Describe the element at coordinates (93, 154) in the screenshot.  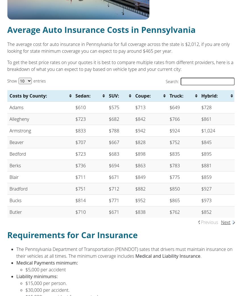
I see `'Terms & Conditions'` at that location.